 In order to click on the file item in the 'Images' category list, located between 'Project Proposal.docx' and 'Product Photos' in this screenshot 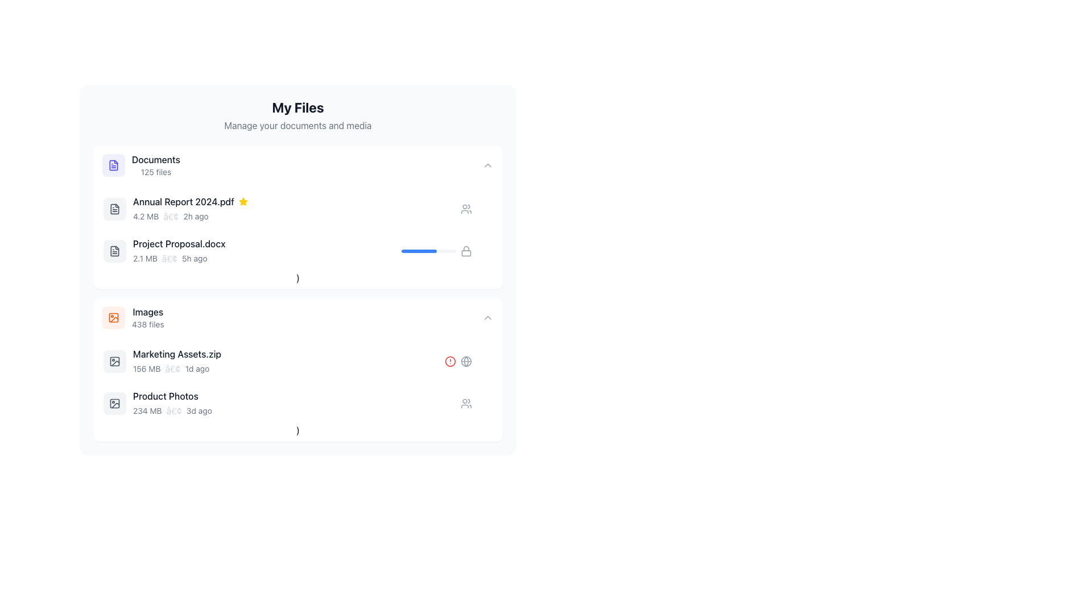, I will do `click(289, 362)`.